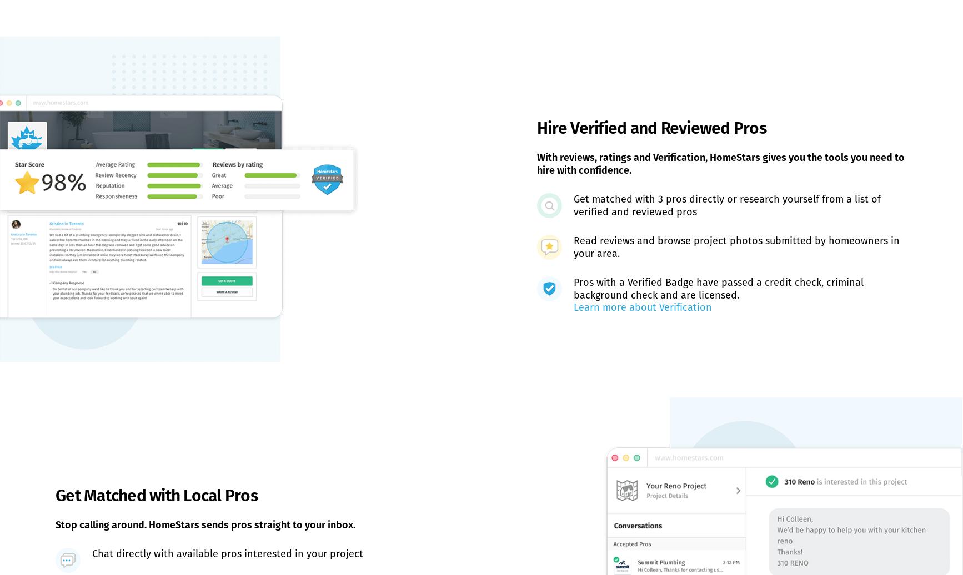  What do you see at coordinates (342, 427) in the screenshot?
I see `'Building Trust'` at bounding box center [342, 427].